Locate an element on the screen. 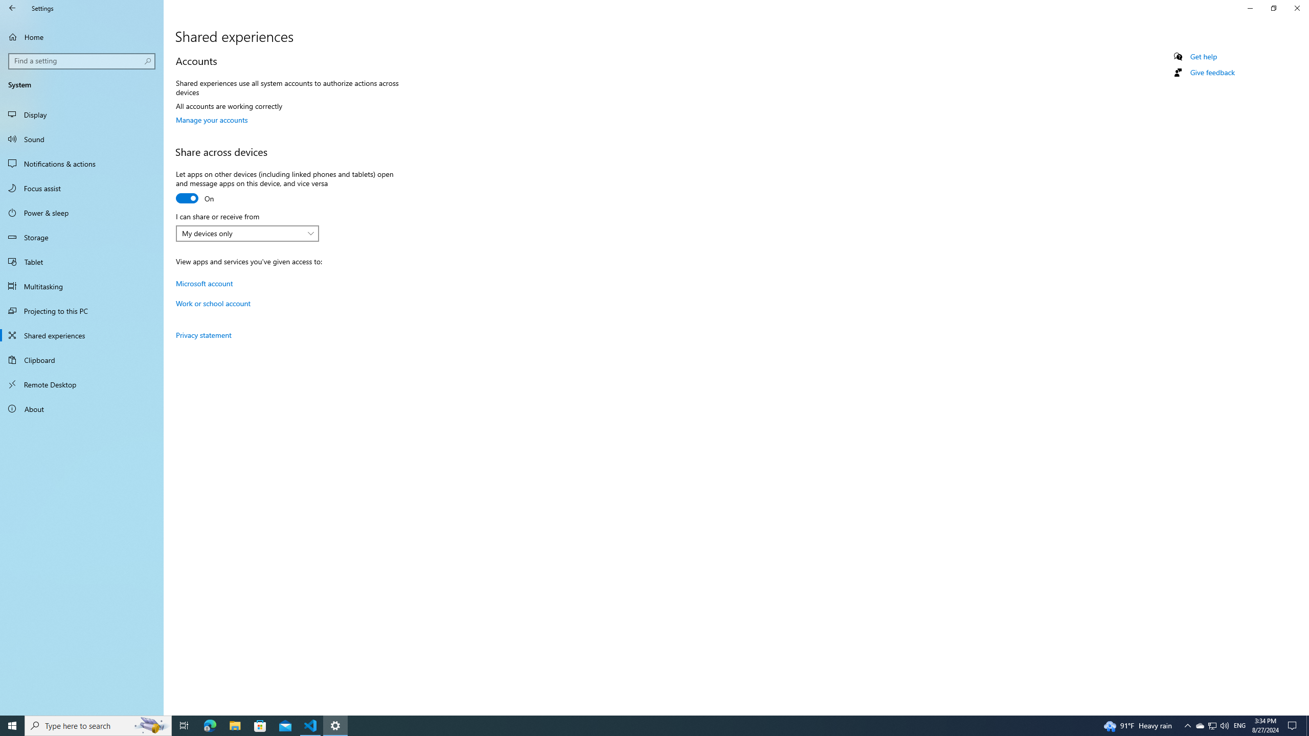  'Type here to search' is located at coordinates (98, 725).